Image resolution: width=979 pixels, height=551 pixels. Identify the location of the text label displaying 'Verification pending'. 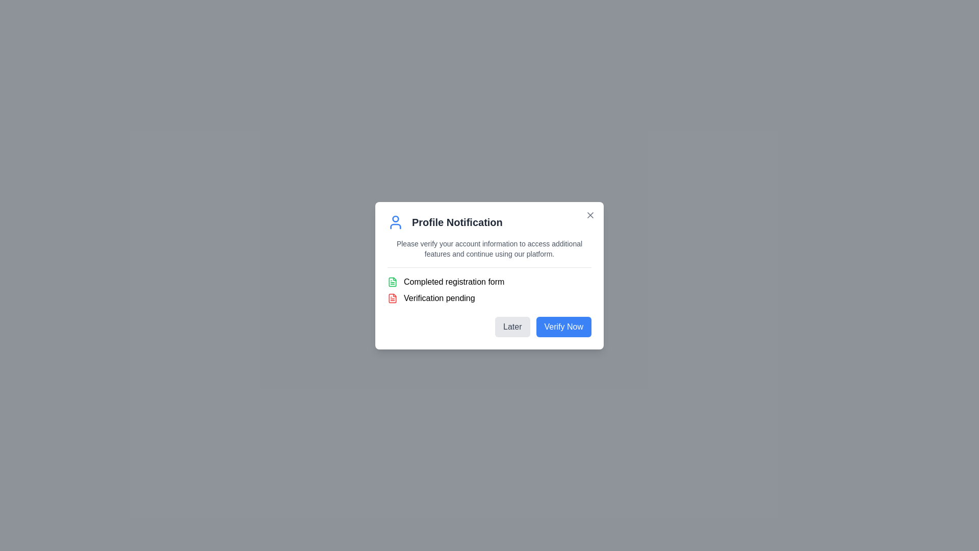
(439, 298).